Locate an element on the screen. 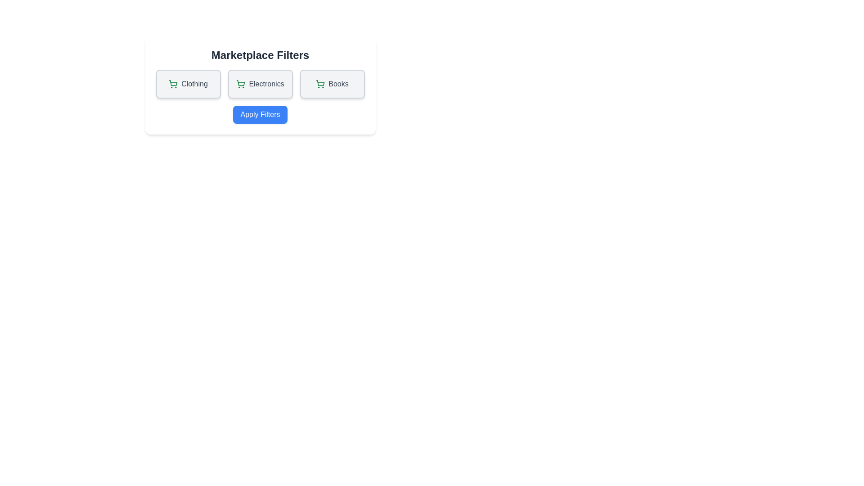  the filter option labeled Clothing is located at coordinates (188, 84).